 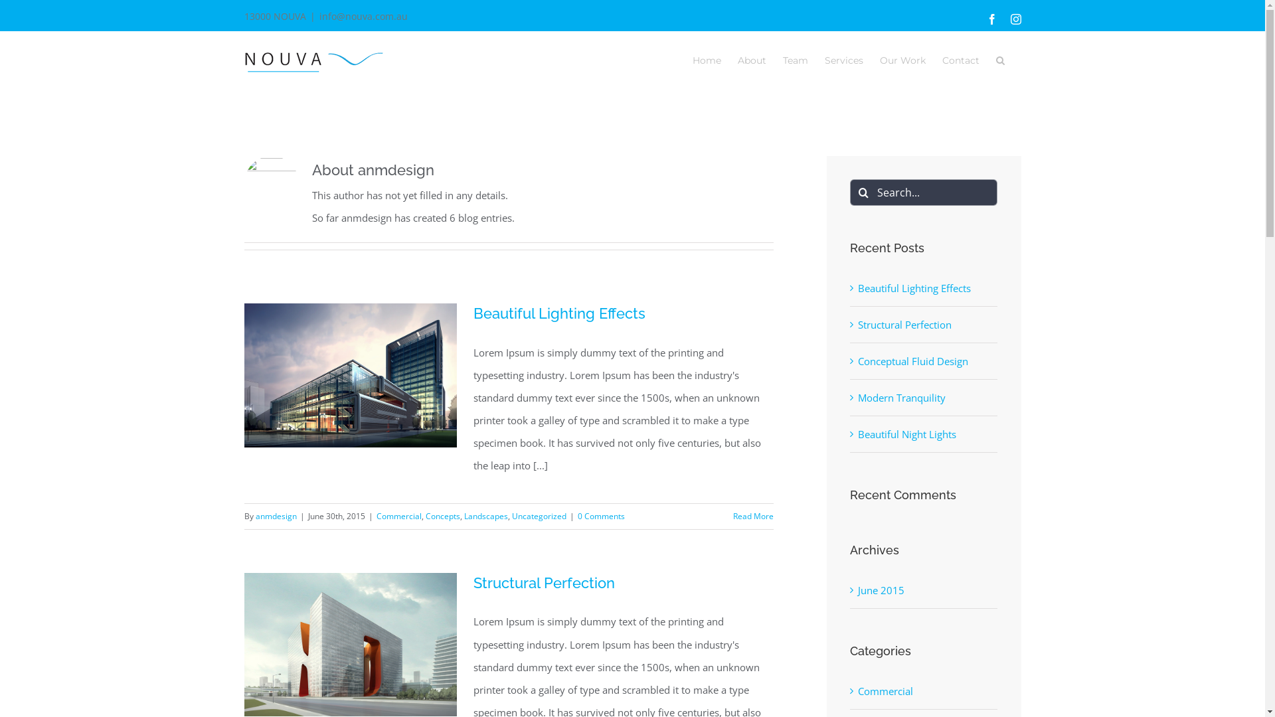 I want to click on 'Conceptual Fluid Design', so click(x=912, y=360).